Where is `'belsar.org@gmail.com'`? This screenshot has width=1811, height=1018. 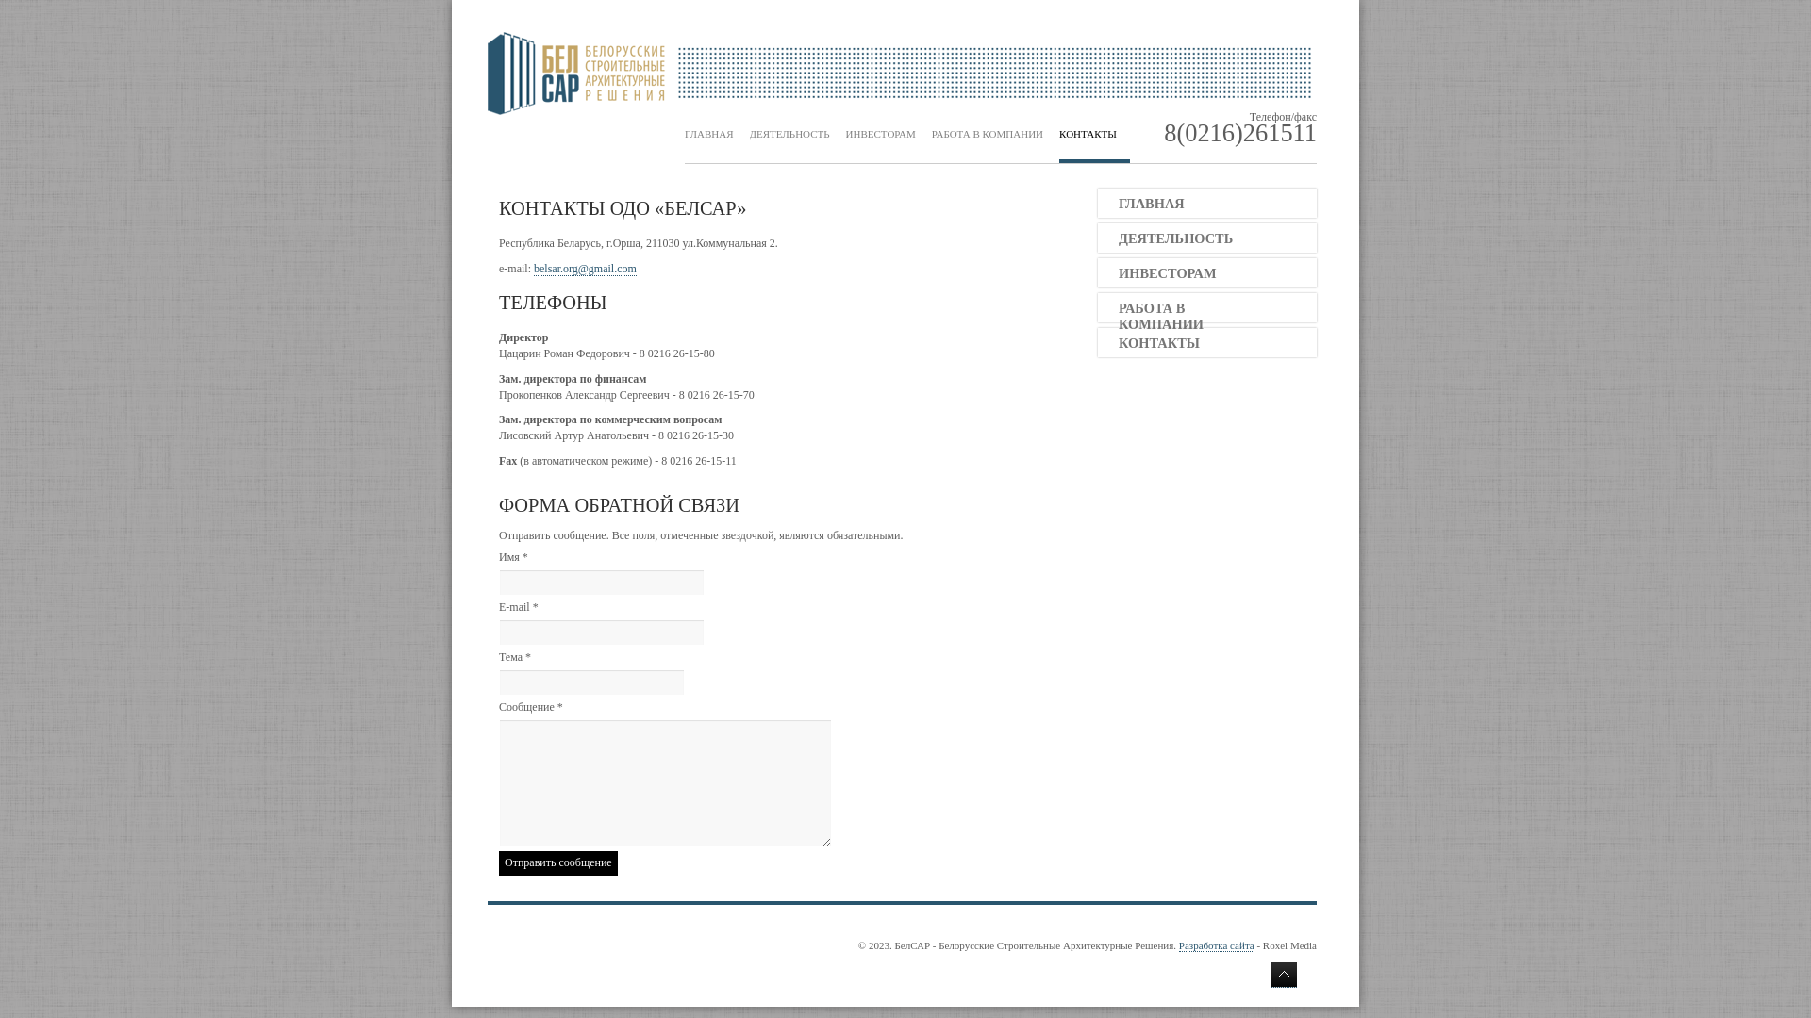 'belsar.org@gmail.com' is located at coordinates (584, 269).